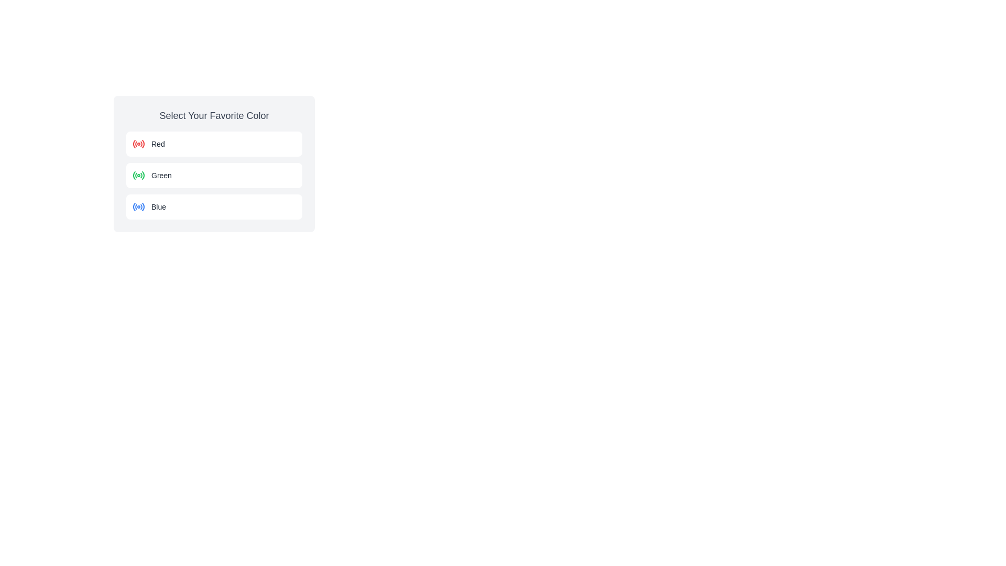  What do you see at coordinates (213, 175) in the screenshot?
I see `the selectable option labeled 'Green', which is the second option in the group of selectable options` at bounding box center [213, 175].